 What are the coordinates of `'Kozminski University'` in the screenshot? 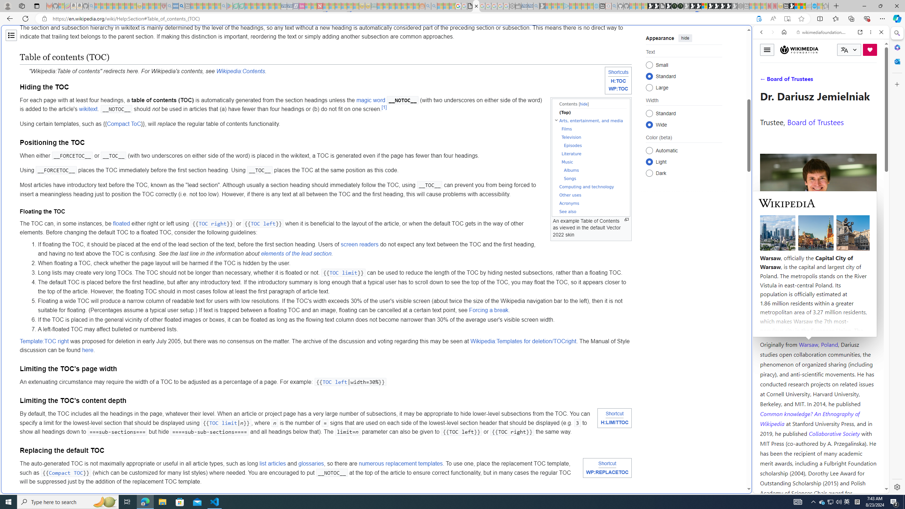 It's located at (818, 302).